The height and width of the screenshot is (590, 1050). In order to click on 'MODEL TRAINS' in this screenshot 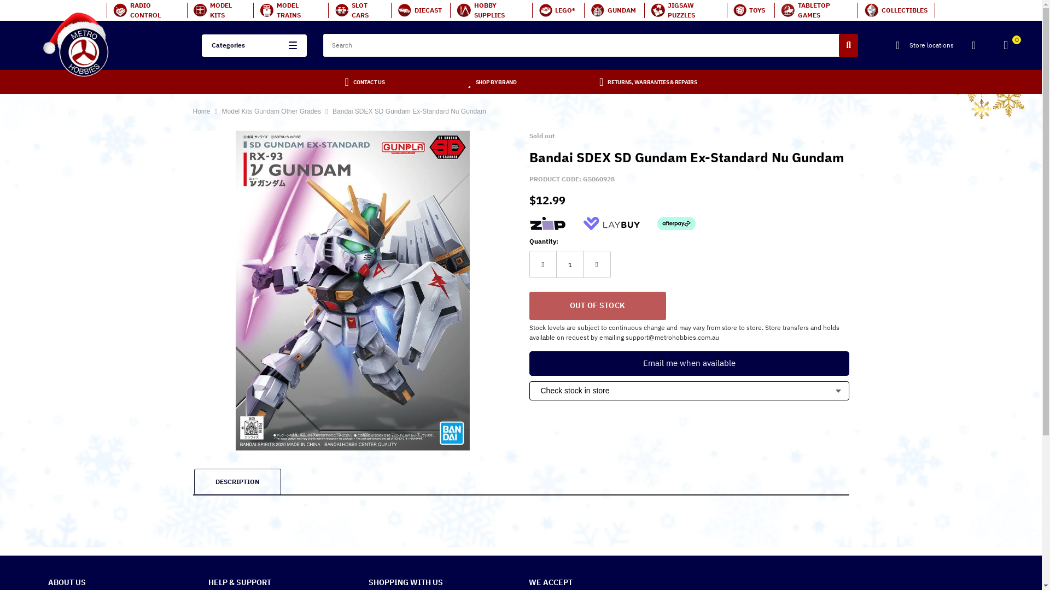, I will do `click(291, 10)`.